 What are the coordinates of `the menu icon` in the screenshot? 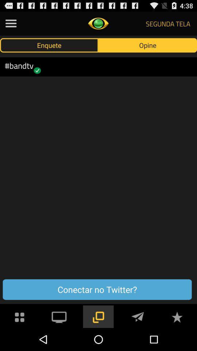 It's located at (11, 25).